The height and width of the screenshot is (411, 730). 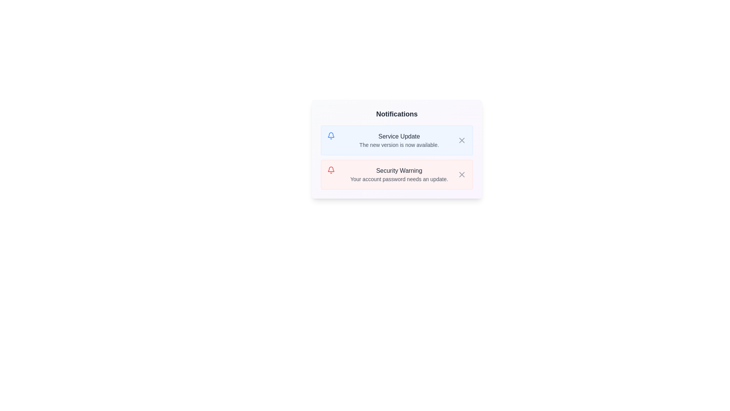 I want to click on the textual notification displaying 'Service Update' with a description 'The new version is now available.', so click(x=399, y=140).